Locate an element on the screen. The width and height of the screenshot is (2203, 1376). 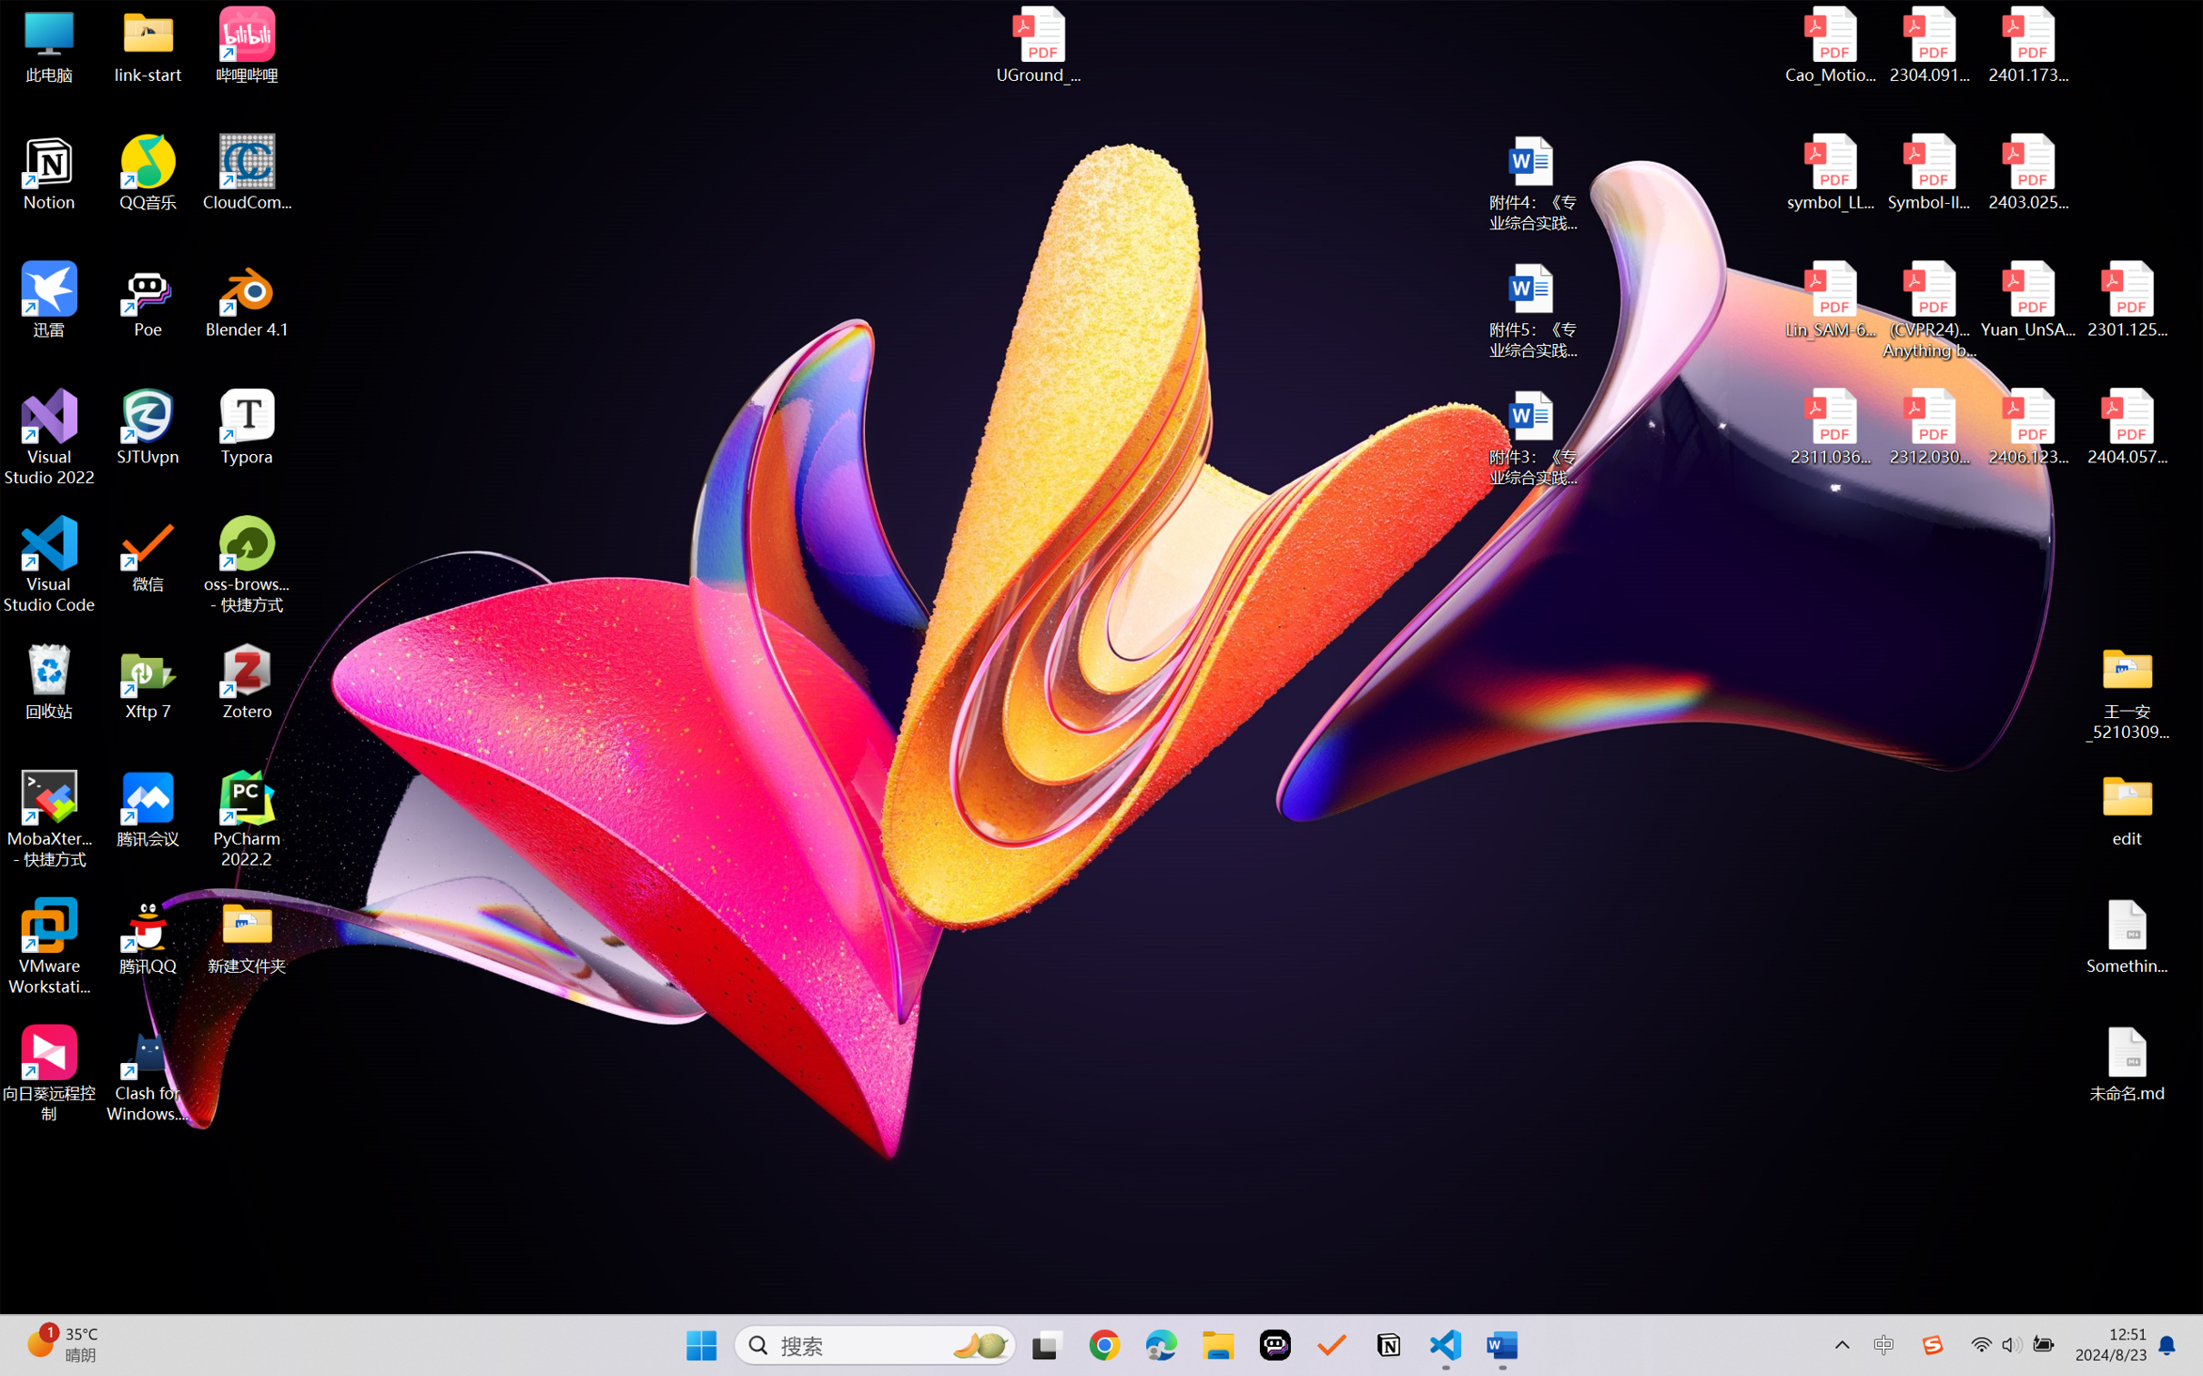
'Xftp 7' is located at coordinates (148, 681).